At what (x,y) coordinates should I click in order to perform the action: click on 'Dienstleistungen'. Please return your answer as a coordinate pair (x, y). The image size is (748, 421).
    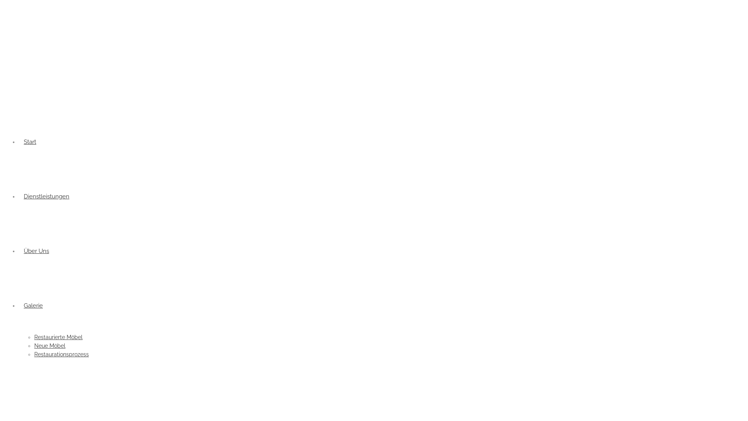
    Looking at the image, I should click on (46, 196).